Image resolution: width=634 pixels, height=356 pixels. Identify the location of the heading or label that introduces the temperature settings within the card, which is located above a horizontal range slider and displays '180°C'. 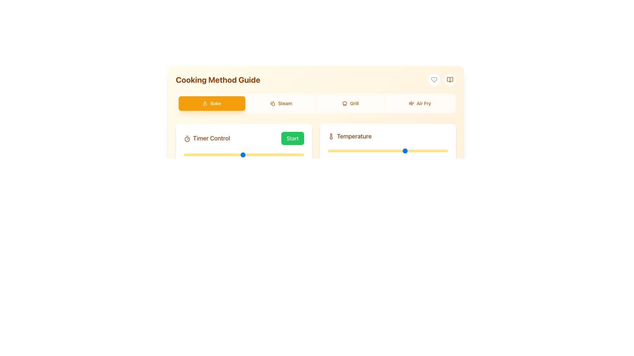
(388, 136).